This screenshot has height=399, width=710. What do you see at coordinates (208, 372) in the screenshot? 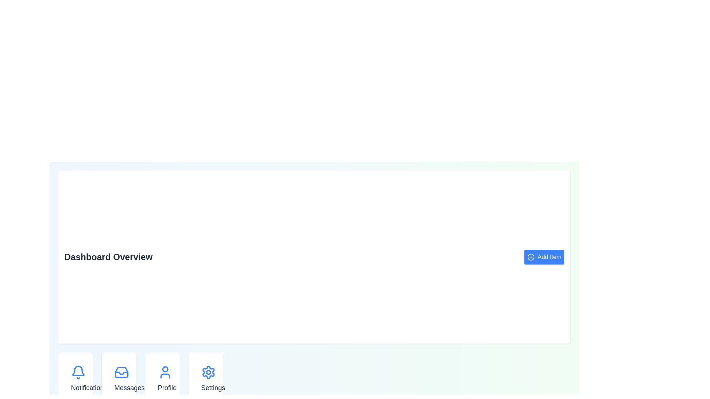
I see `the 'Settings' icon located at the bottom of the application interface` at bounding box center [208, 372].